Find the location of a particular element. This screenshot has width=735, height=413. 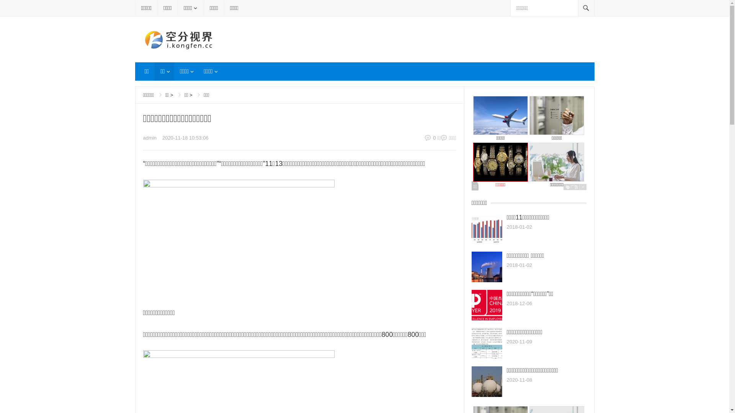

'admin' is located at coordinates (150, 138).